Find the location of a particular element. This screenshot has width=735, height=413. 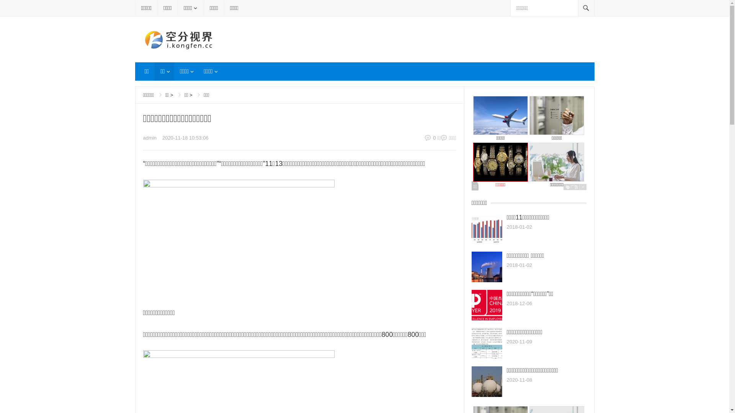

'admin' is located at coordinates (150, 138).